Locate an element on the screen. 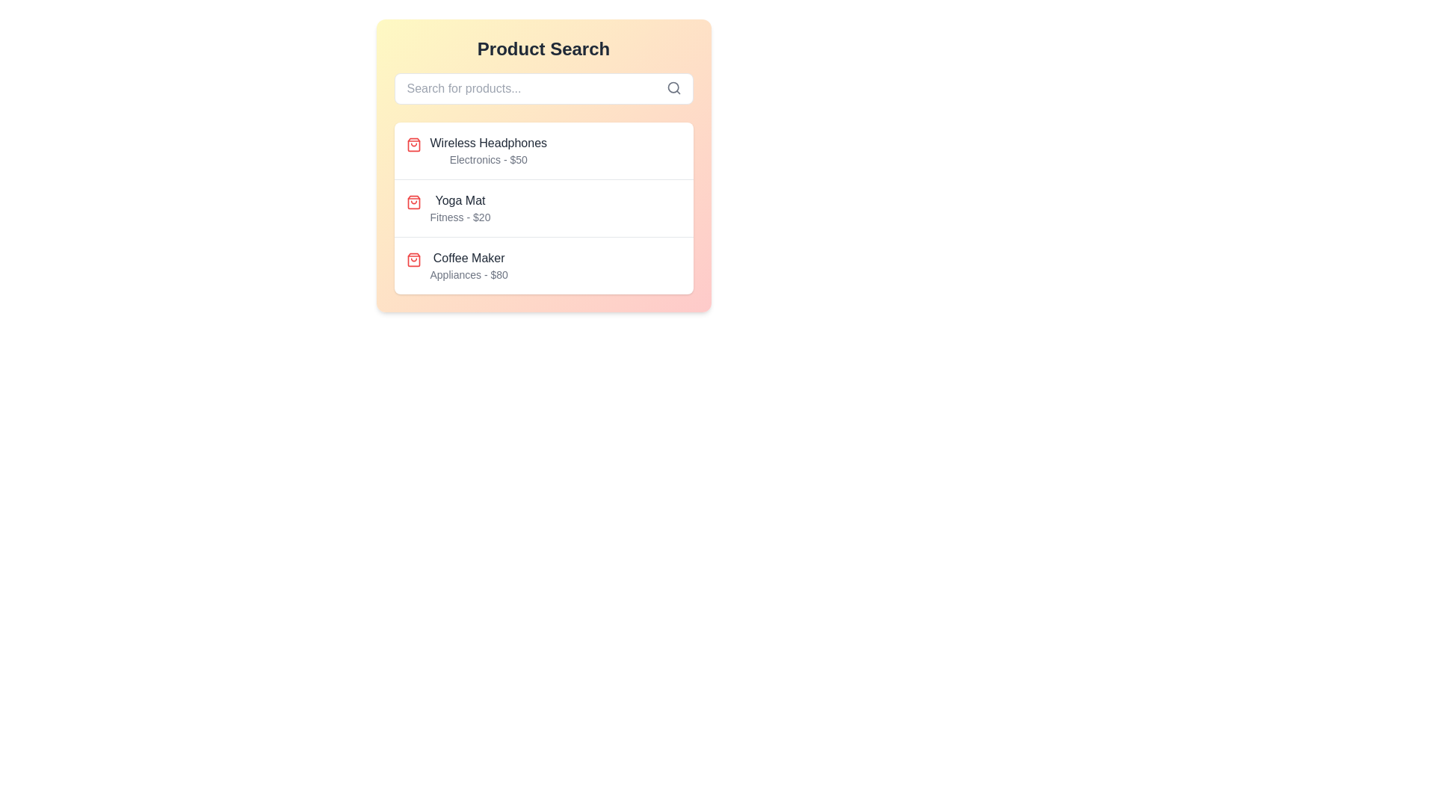 The width and height of the screenshot is (1435, 807). the text label reading 'Yoga Mat' in a bold dark gray font, which is the first line of text in the product list titled 'Product Search.' is located at coordinates (459, 200).